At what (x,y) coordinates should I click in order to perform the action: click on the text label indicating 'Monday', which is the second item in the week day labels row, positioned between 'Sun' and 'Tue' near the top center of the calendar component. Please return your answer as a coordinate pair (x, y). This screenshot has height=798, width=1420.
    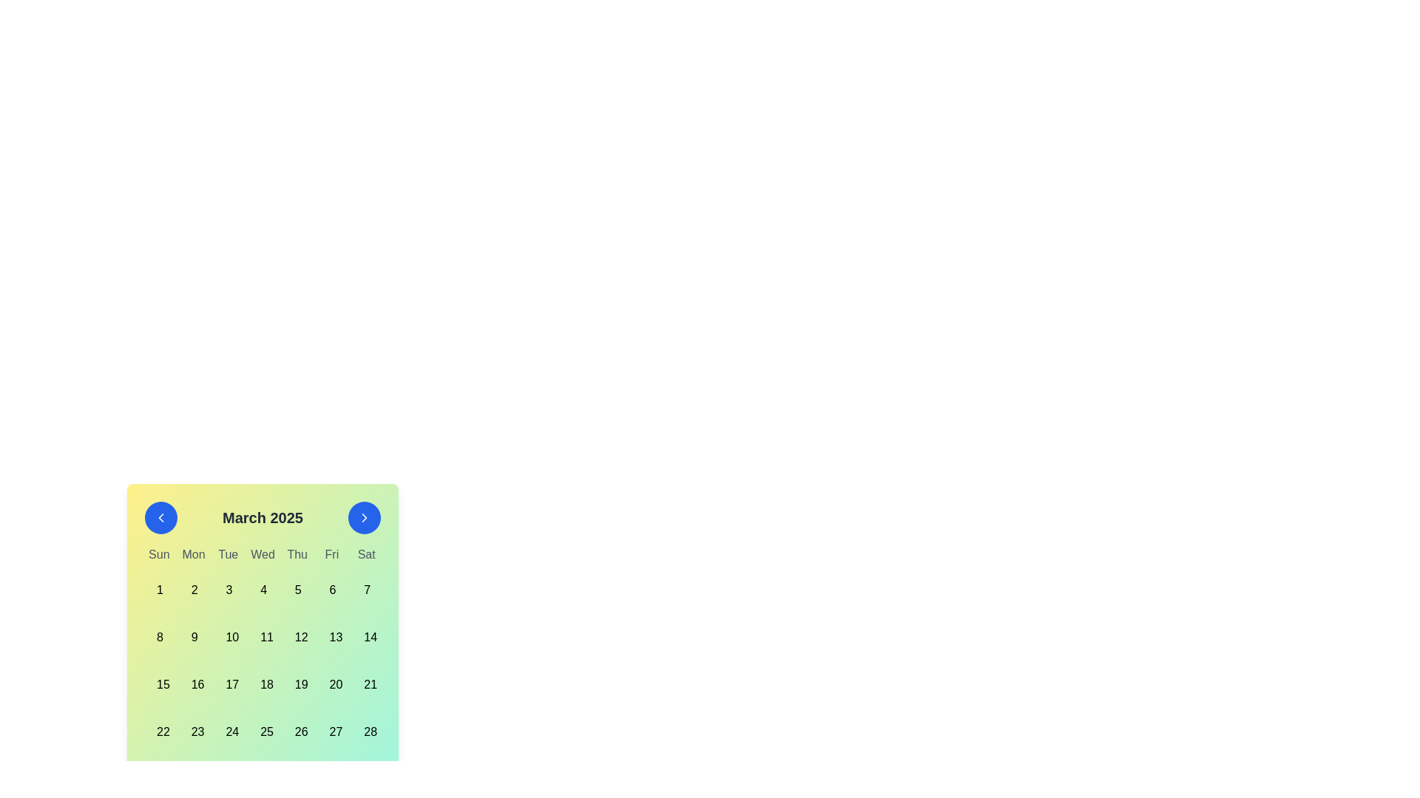
    Looking at the image, I should click on (193, 555).